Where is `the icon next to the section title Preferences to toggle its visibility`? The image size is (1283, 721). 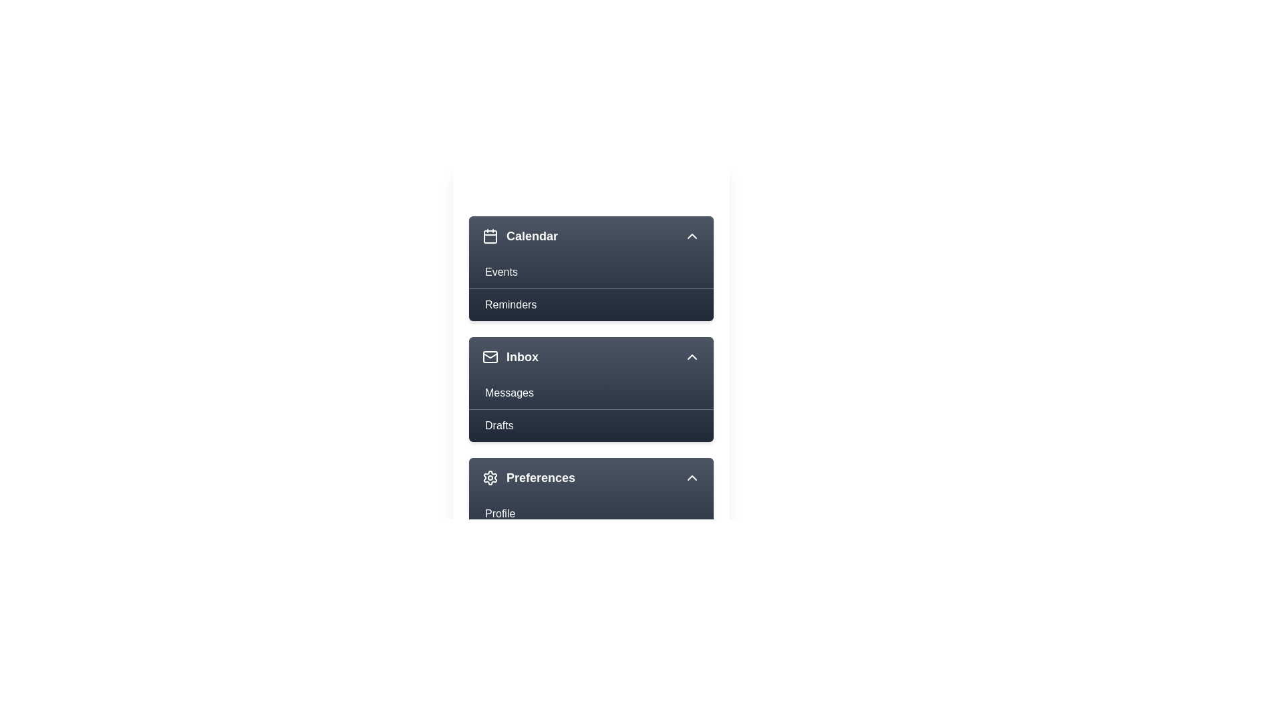
the icon next to the section title Preferences to toggle its visibility is located at coordinates (490, 477).